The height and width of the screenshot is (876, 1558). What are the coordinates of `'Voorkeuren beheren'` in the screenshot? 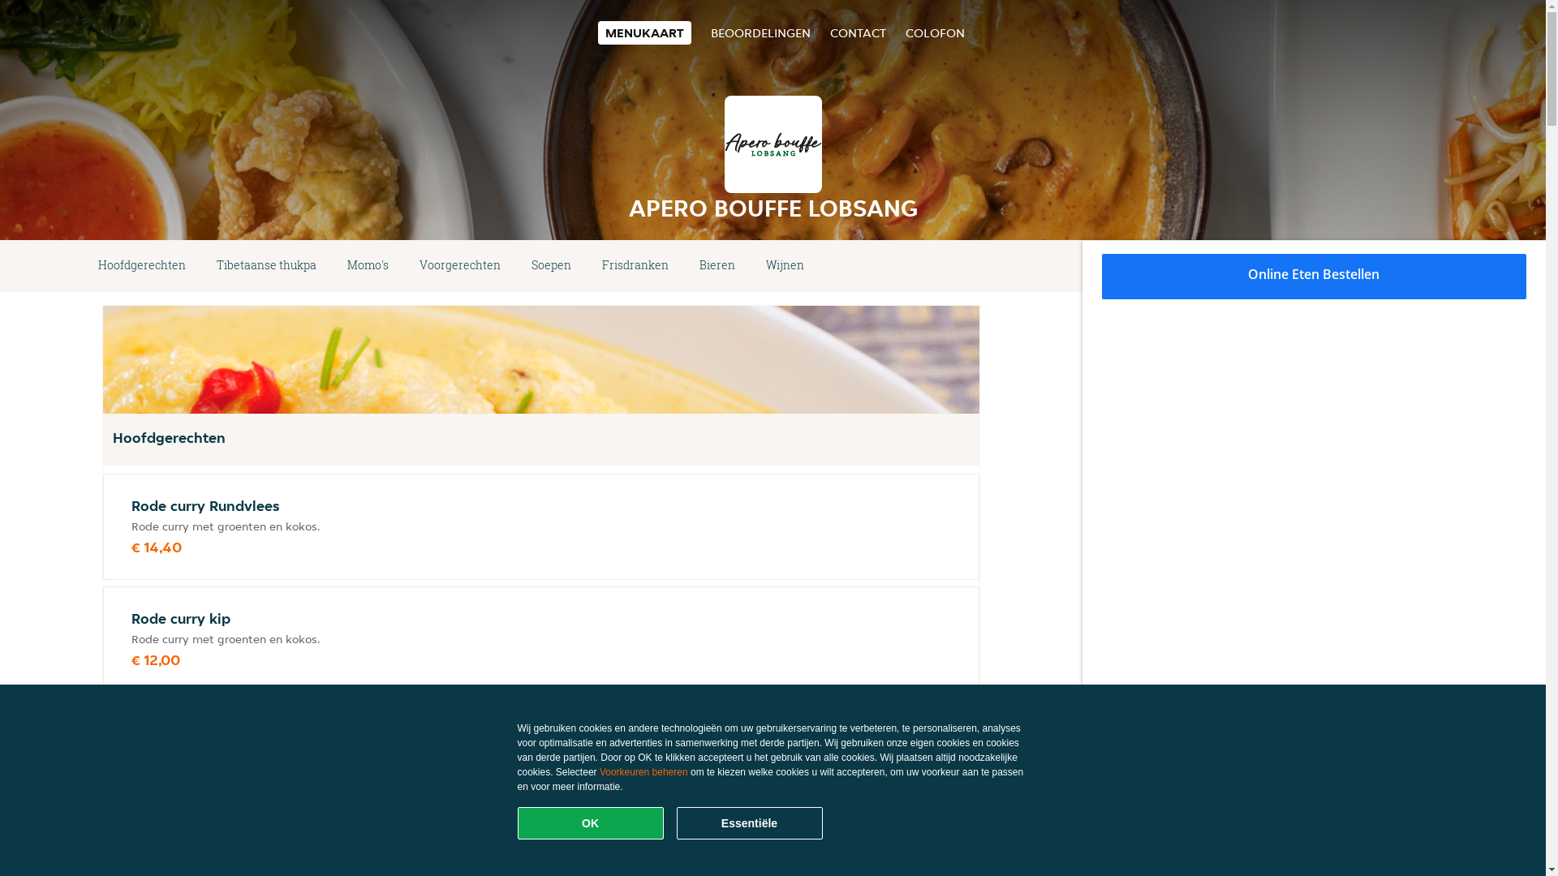 It's located at (643, 771).